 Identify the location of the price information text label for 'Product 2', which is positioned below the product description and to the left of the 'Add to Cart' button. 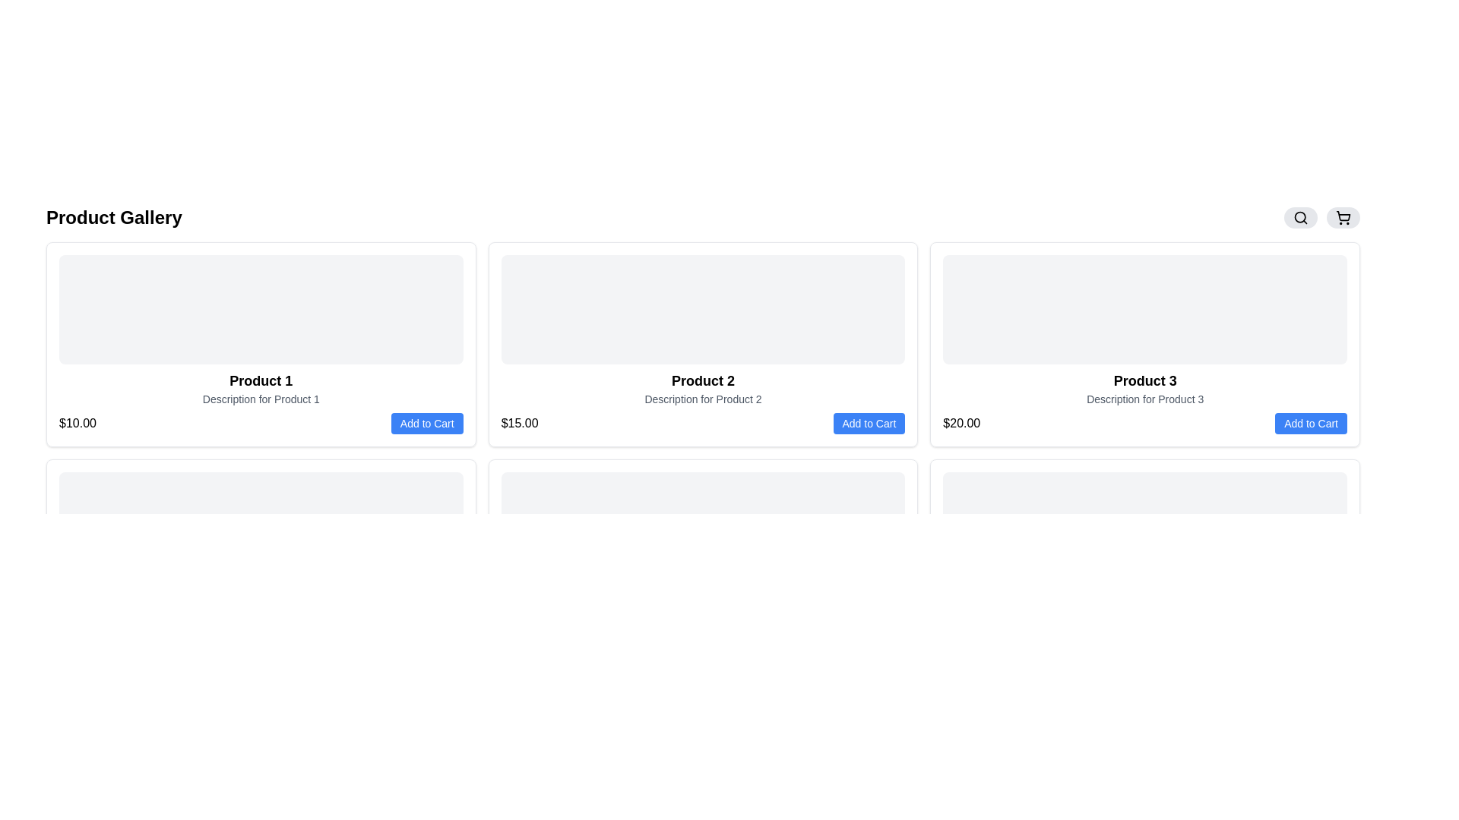
(520, 424).